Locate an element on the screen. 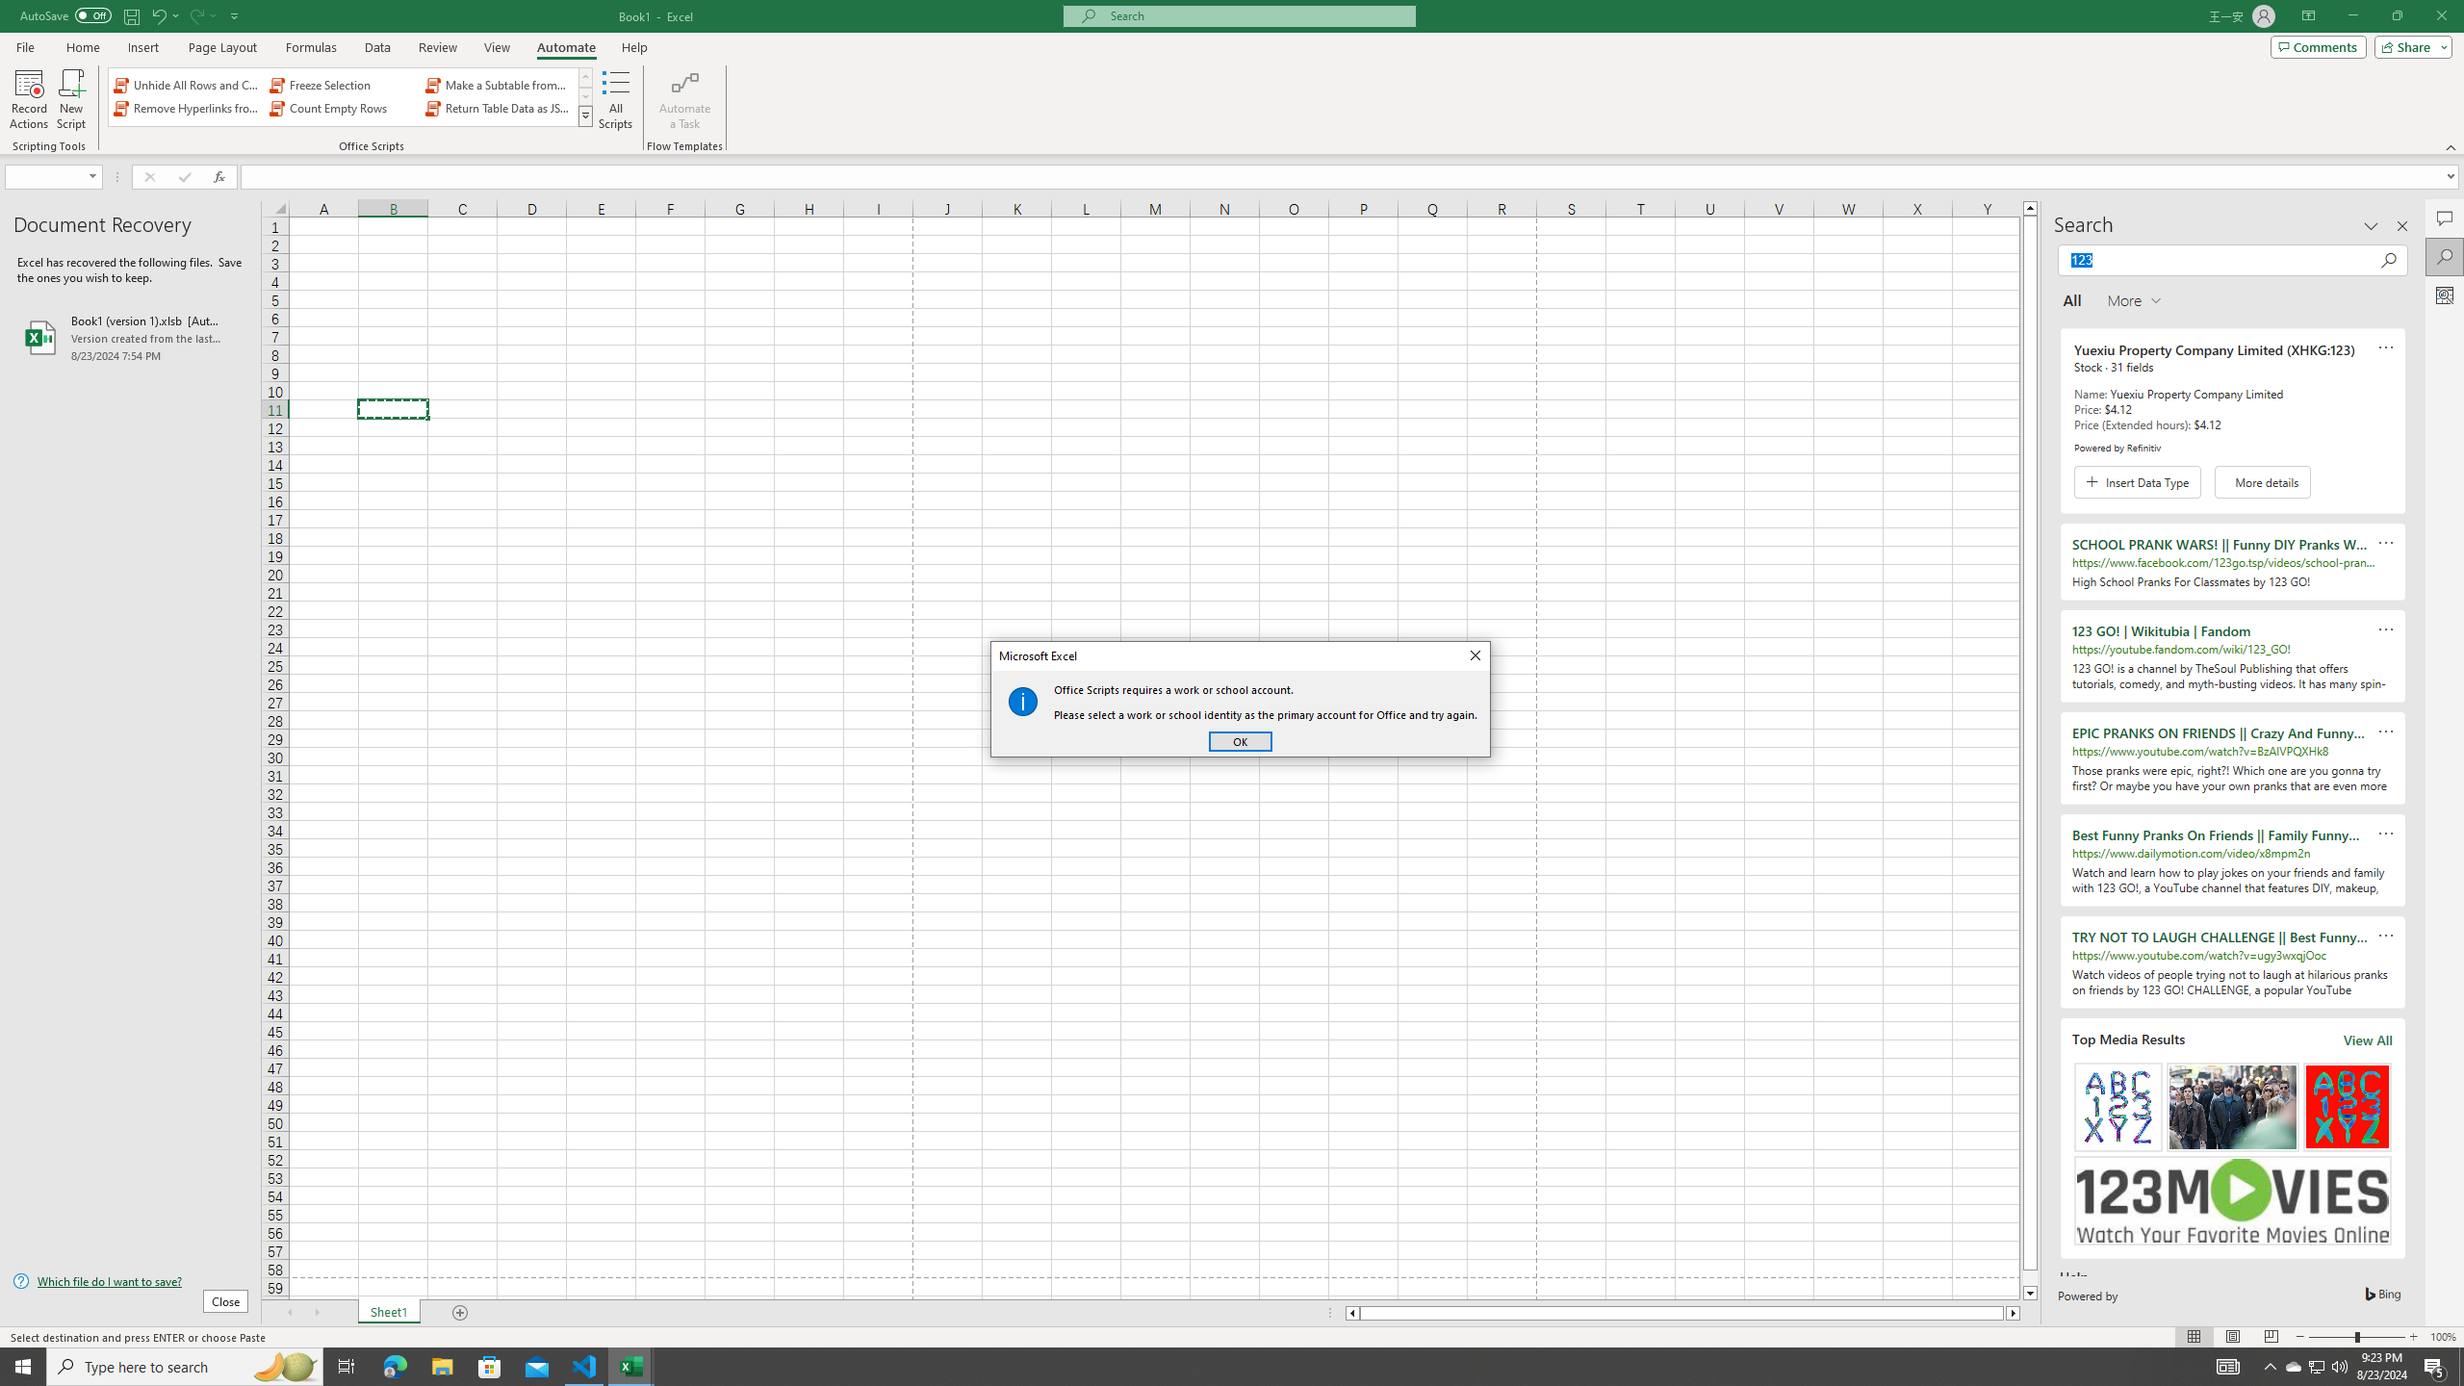  'Close pane' is located at coordinates (2401, 225).